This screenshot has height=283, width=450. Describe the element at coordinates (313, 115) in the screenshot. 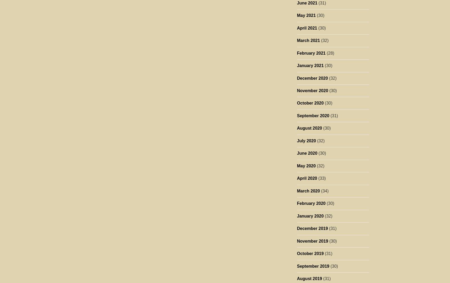

I see `'September 2020'` at that location.